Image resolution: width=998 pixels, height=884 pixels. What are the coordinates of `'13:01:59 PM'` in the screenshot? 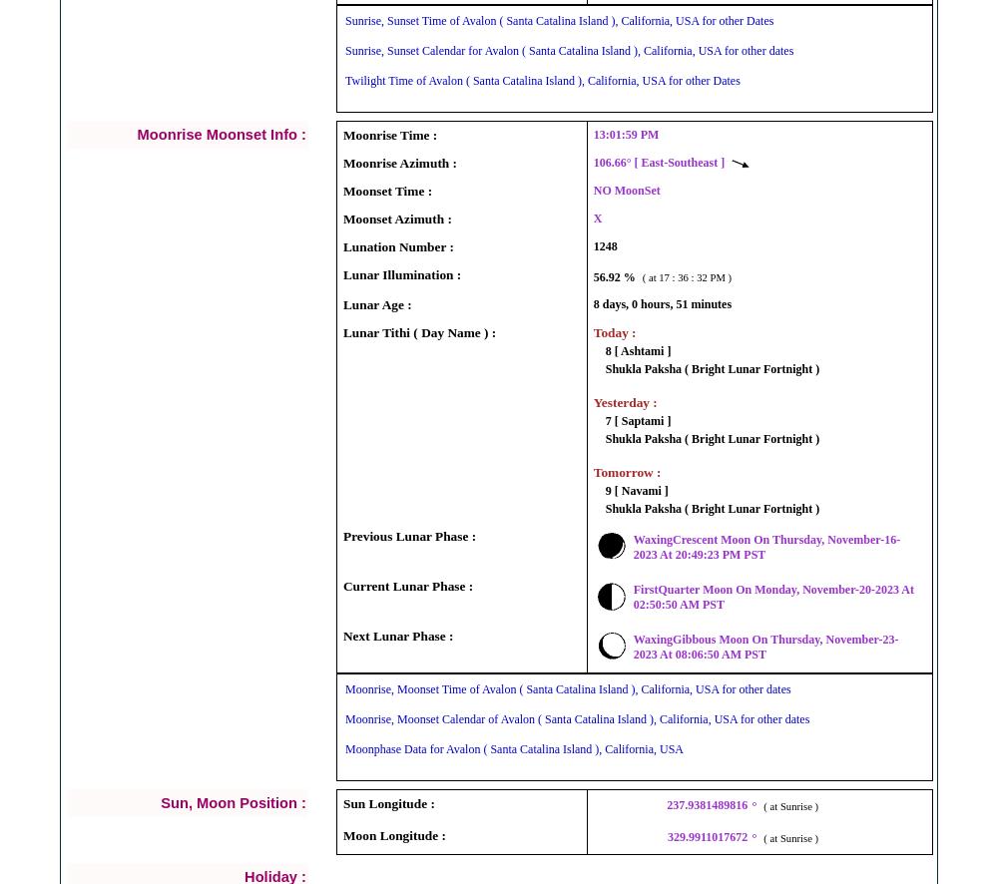 It's located at (626, 134).